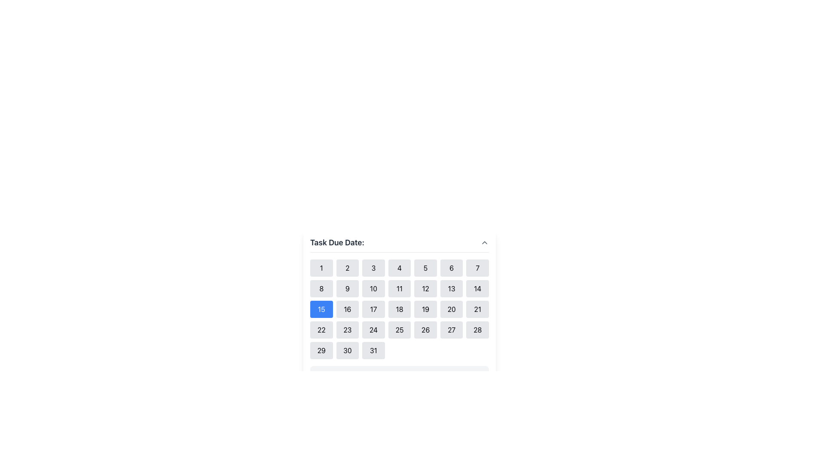 The height and width of the screenshot is (464, 825). I want to click on the button labeled '8' in the second row, first column of the grid beneath the header 'Task Due Date:', so click(321, 288).